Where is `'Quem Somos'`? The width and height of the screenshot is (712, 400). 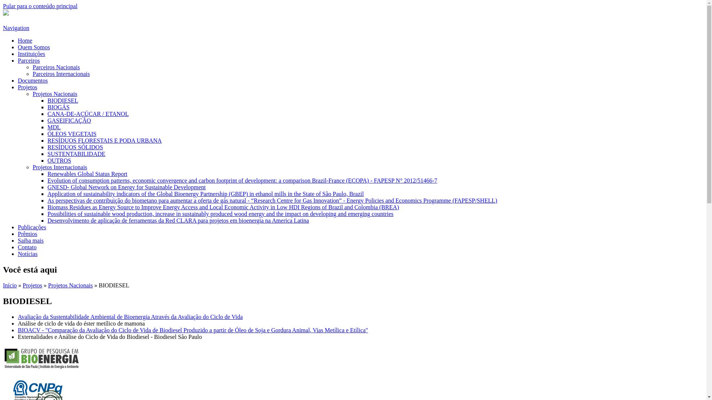 'Quem Somos' is located at coordinates (33, 47).